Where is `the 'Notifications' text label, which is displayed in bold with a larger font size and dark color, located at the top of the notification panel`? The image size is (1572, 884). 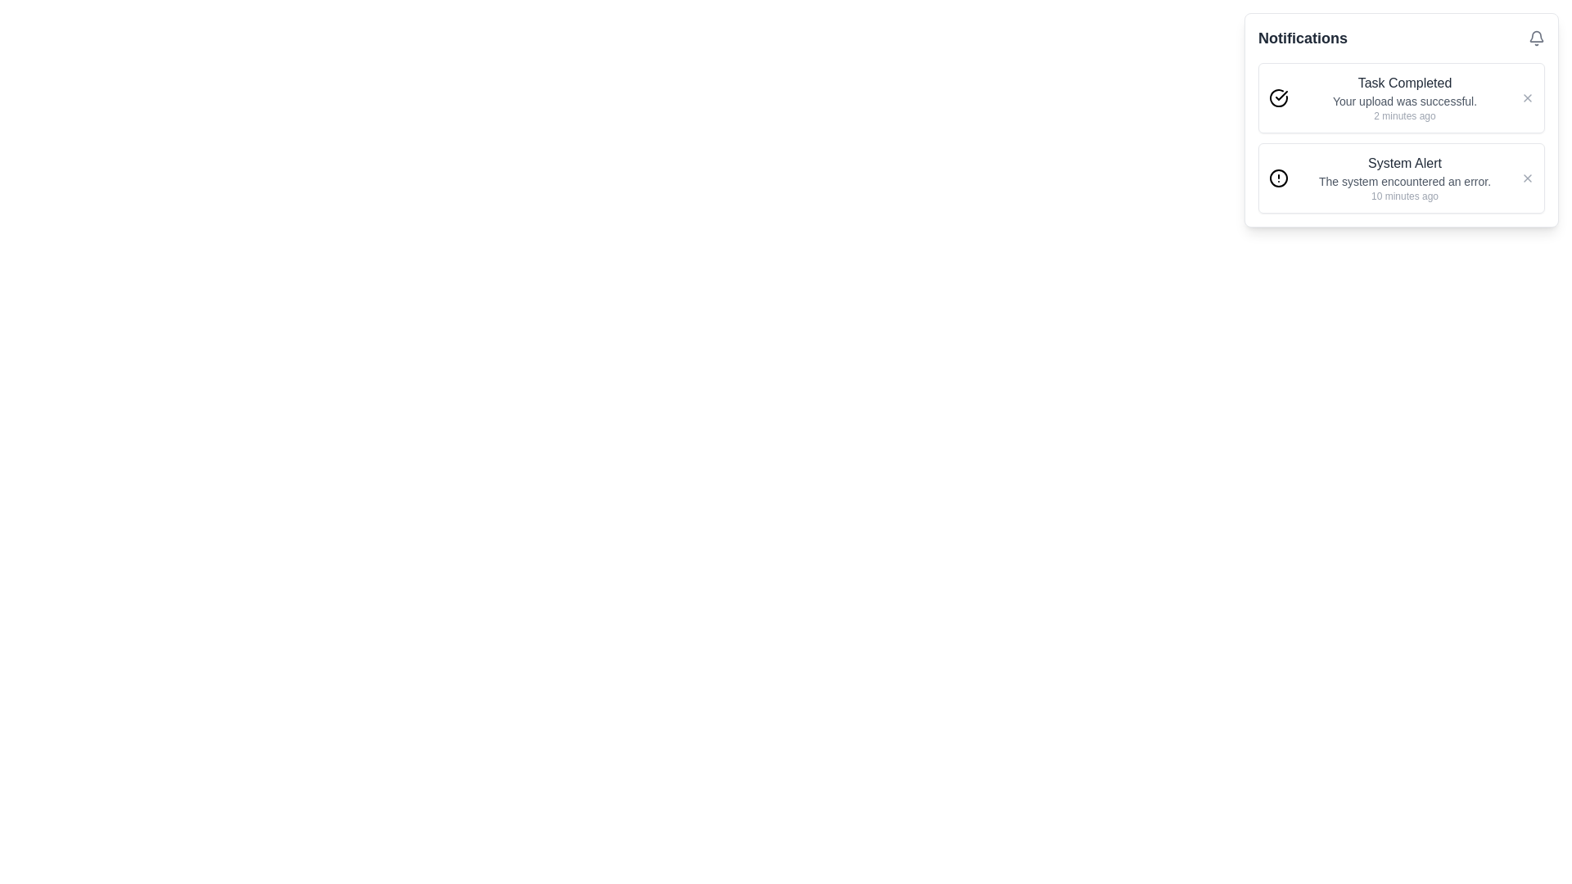 the 'Notifications' text label, which is displayed in bold with a larger font size and dark color, located at the top of the notification panel is located at coordinates (1302, 37).